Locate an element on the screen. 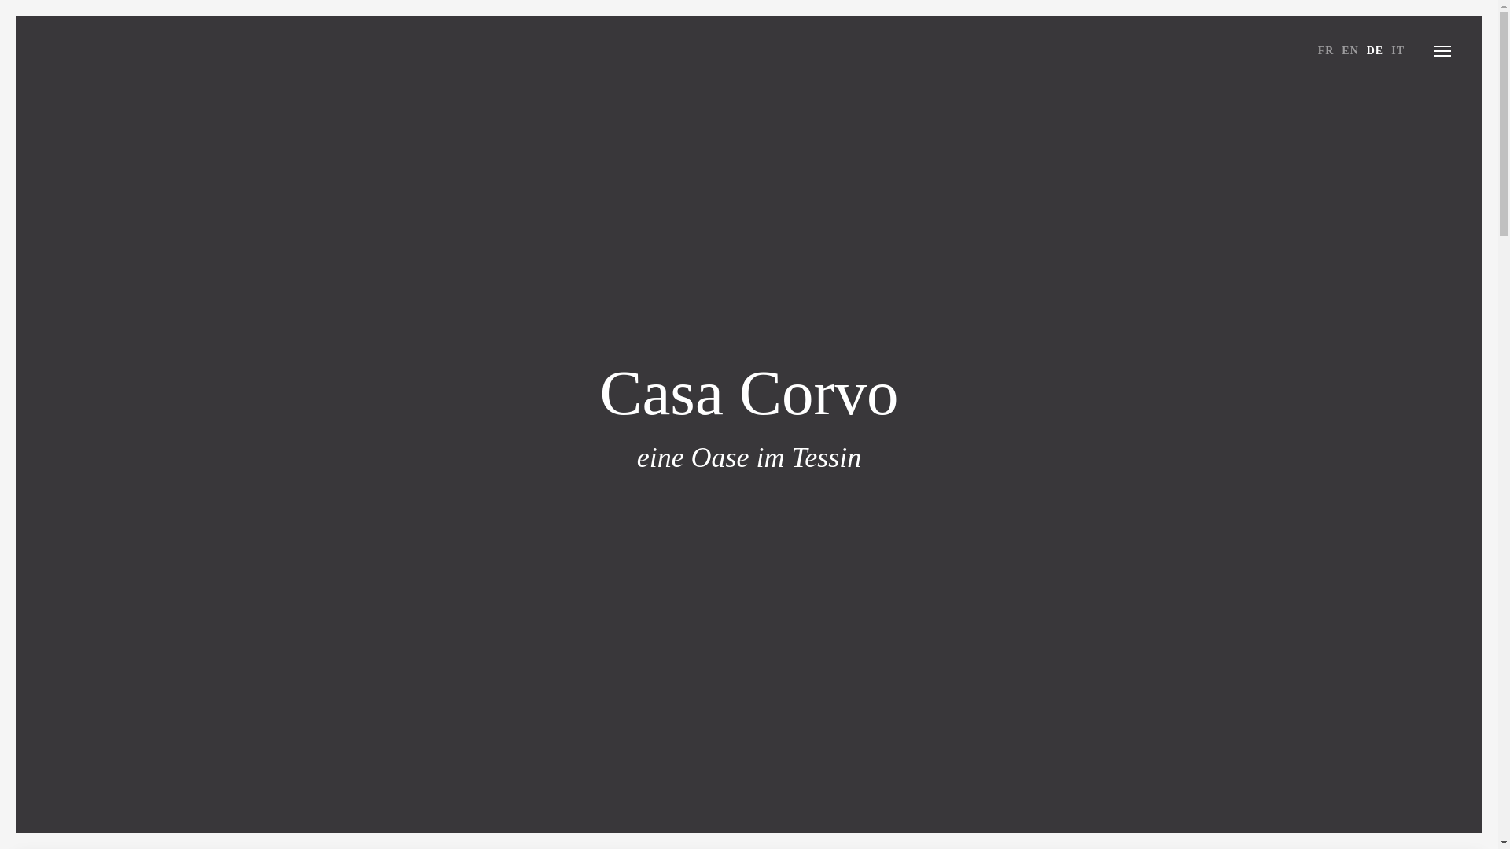 The width and height of the screenshot is (1510, 849). 'EN' is located at coordinates (1349, 50).